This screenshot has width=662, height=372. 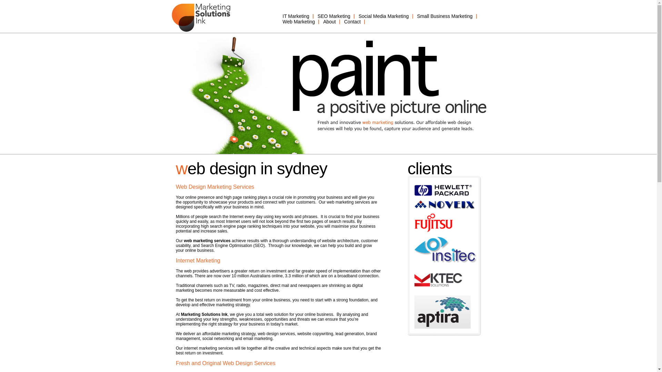 What do you see at coordinates (296, 15) in the screenshot?
I see `'IT Marketing'` at bounding box center [296, 15].